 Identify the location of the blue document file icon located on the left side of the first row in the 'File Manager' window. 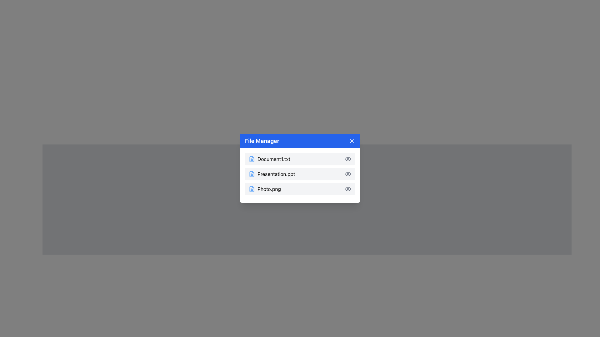
(252, 159).